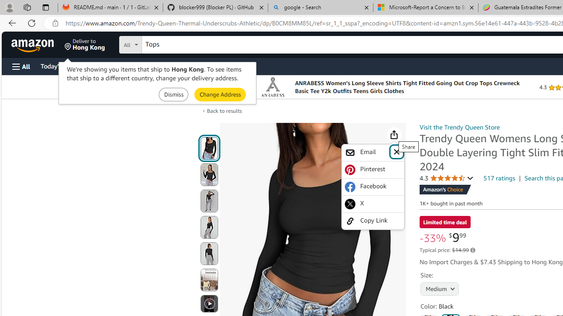 This screenshot has width=563, height=316. What do you see at coordinates (438, 288) in the screenshot?
I see `'AutomationID: native_dropdown_selected_size_name'` at bounding box center [438, 288].